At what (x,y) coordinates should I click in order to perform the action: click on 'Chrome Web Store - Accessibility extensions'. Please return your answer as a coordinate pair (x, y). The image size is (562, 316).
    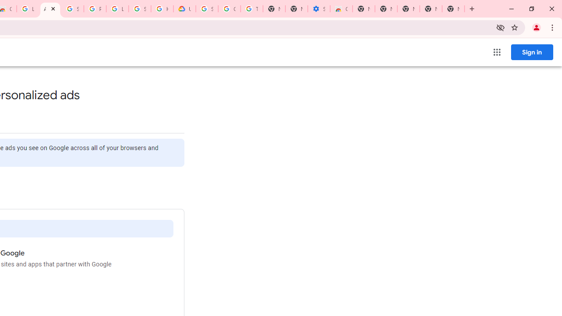
    Looking at the image, I should click on (340, 9).